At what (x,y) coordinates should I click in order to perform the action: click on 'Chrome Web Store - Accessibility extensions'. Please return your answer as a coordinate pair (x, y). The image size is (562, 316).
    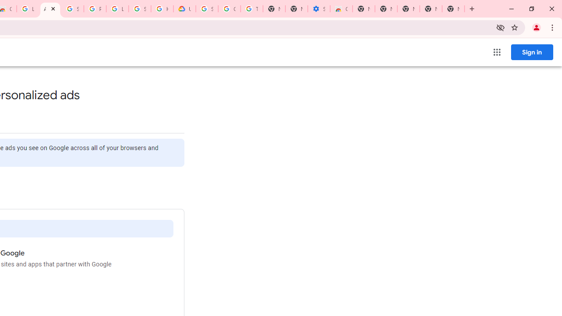
    Looking at the image, I should click on (340, 9).